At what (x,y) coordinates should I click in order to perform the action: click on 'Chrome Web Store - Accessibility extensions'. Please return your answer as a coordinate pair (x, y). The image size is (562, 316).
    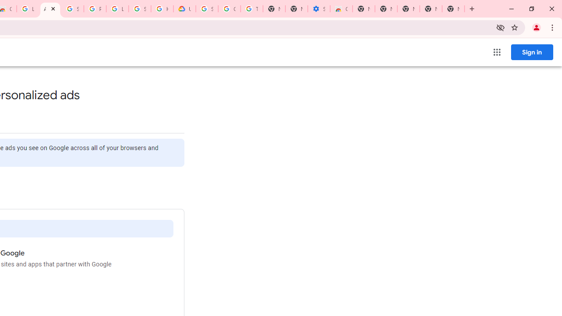
    Looking at the image, I should click on (340, 9).